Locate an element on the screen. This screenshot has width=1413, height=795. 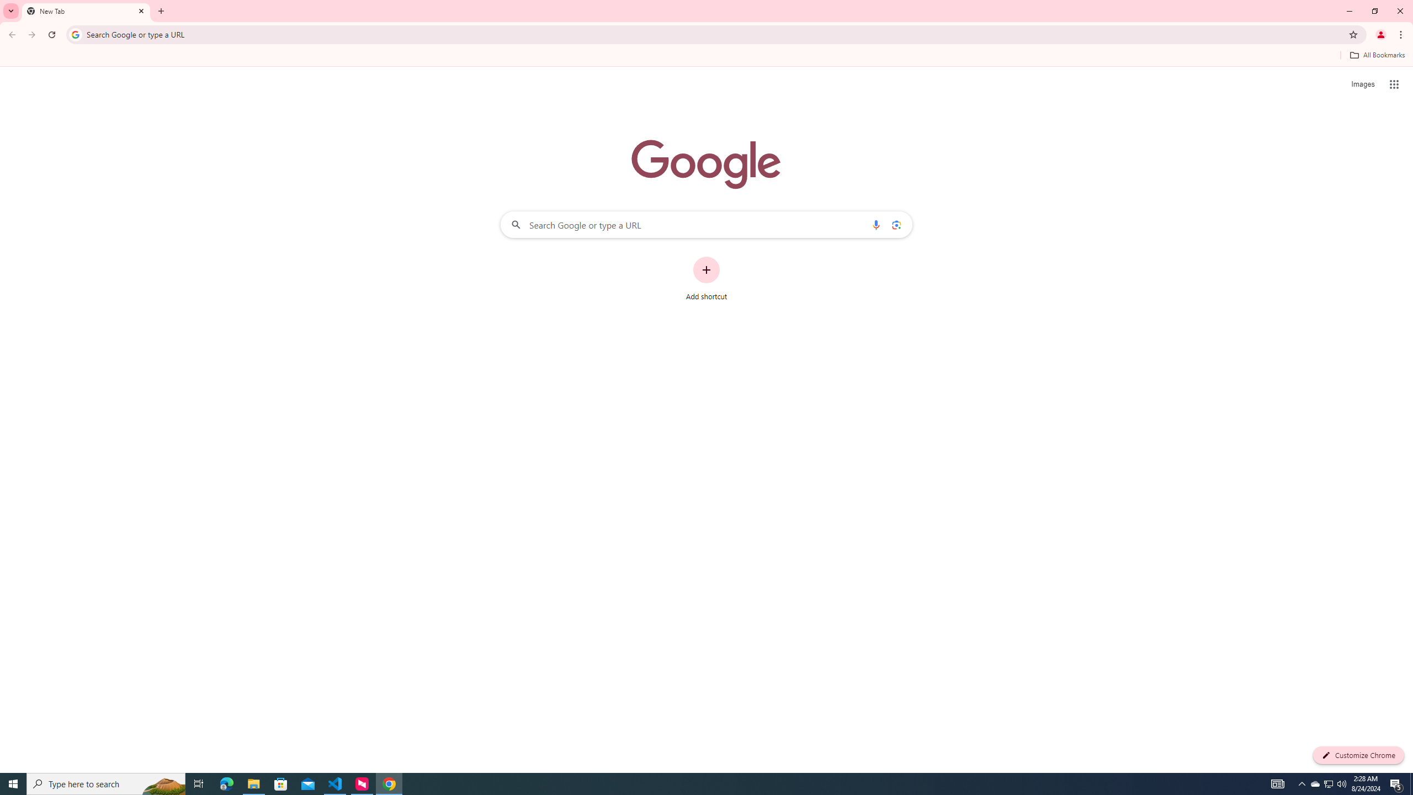
'Search by voice' is located at coordinates (875, 224).